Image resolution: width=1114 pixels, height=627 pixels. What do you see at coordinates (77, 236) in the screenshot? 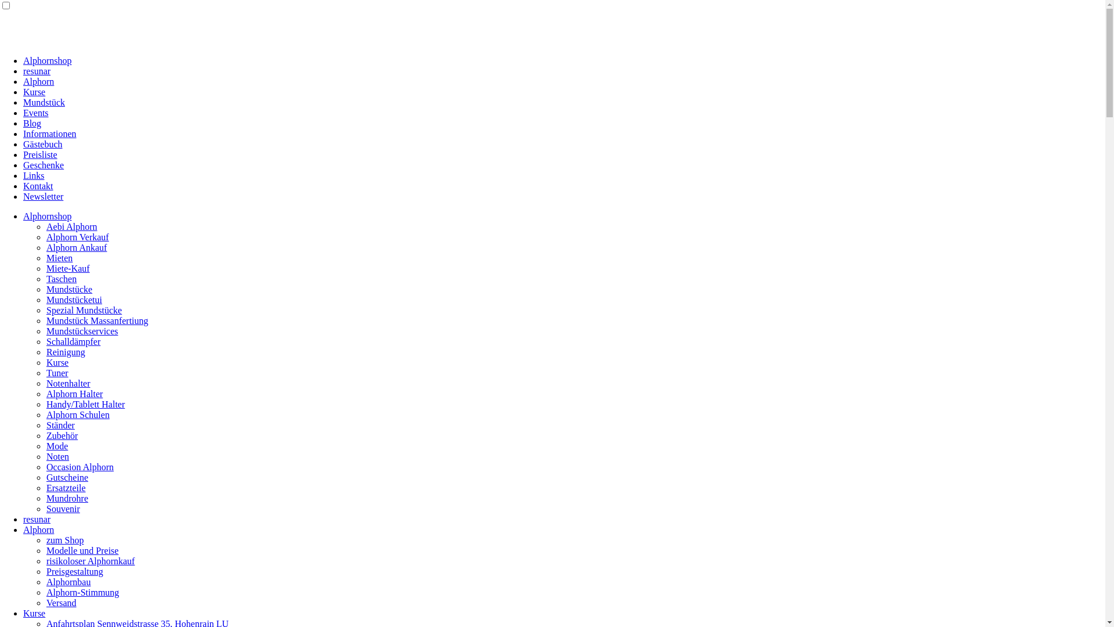
I see `'Alphorn Verkauf'` at bounding box center [77, 236].